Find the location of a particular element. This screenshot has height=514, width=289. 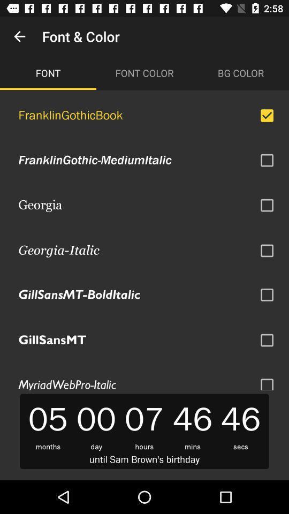

the item above the font item is located at coordinates (19, 36).